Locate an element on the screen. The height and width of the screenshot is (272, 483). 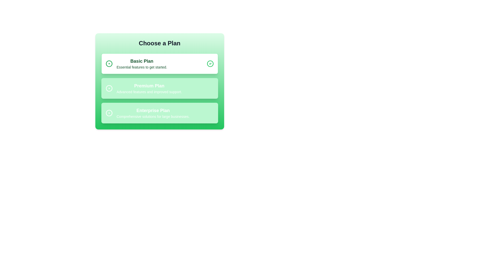
the Text Label that introduces users to the plan selection section, which is located above the selectable plan options is located at coordinates (159, 43).